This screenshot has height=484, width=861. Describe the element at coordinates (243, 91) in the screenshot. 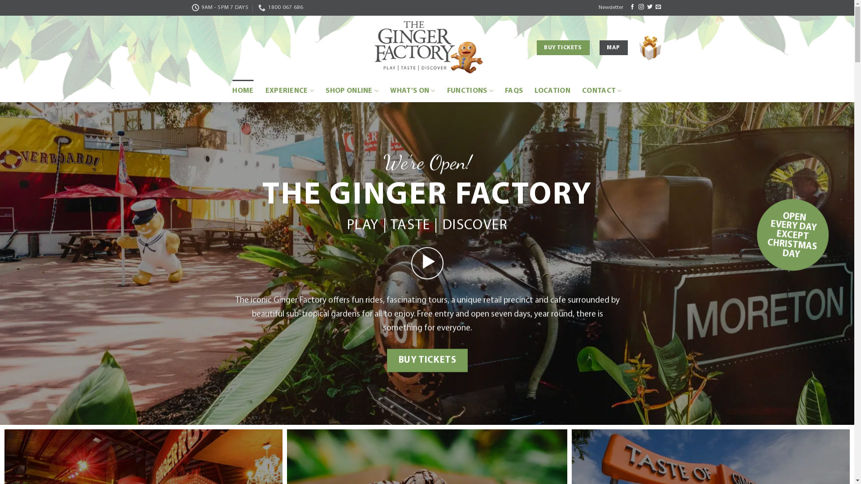

I see `'HOME'` at that location.